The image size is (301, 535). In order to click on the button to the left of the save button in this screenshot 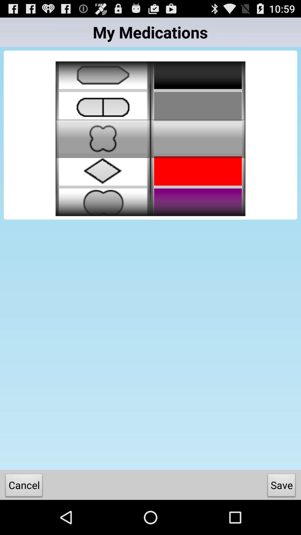, I will do `click(24, 486)`.